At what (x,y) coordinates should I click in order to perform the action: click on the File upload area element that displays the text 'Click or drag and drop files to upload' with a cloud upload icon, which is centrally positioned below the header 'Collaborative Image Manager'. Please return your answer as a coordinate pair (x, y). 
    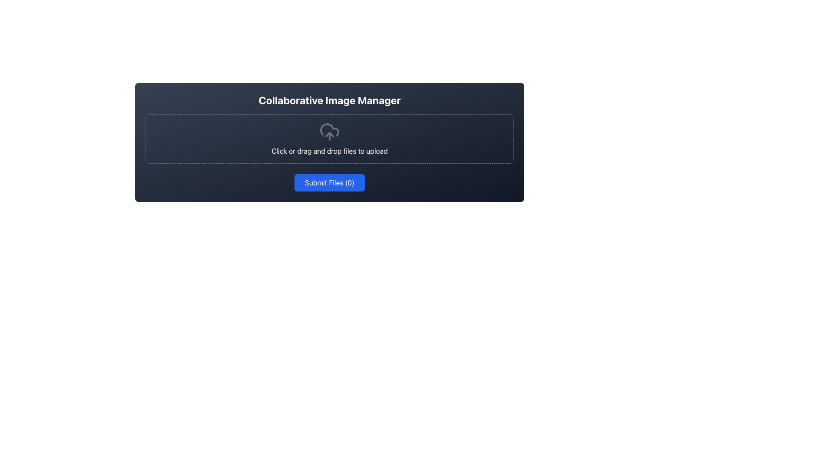
    Looking at the image, I should click on (329, 138).